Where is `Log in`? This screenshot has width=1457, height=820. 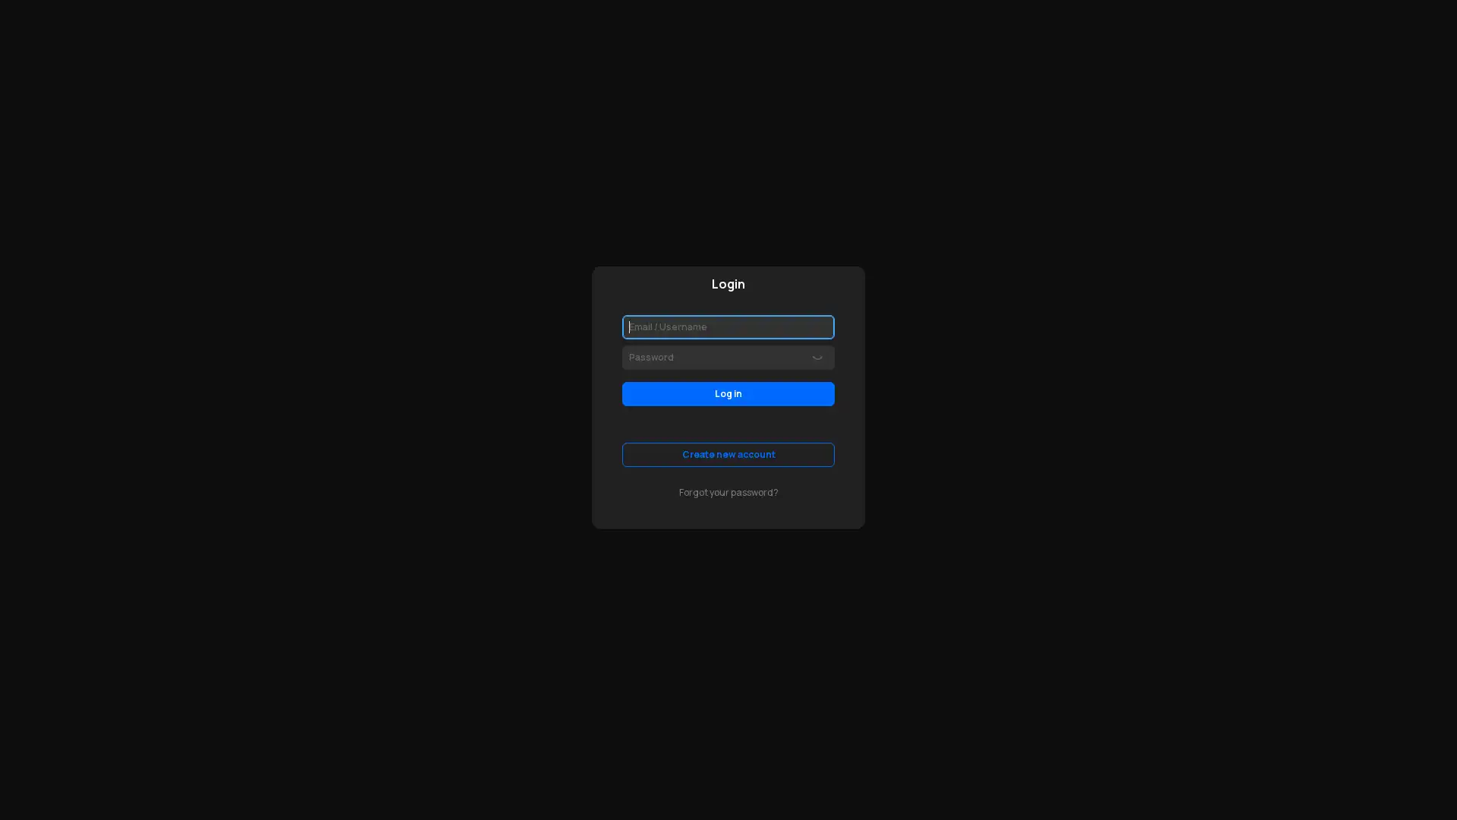 Log in is located at coordinates (728, 393).